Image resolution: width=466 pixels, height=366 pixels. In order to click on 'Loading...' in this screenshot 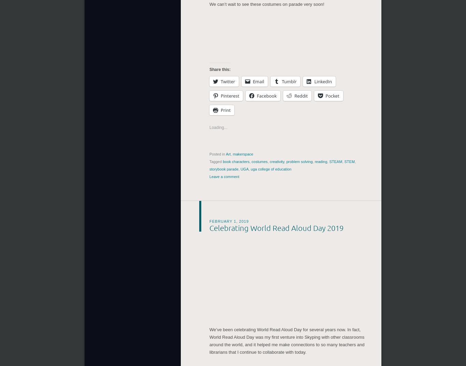, I will do `click(218, 126)`.